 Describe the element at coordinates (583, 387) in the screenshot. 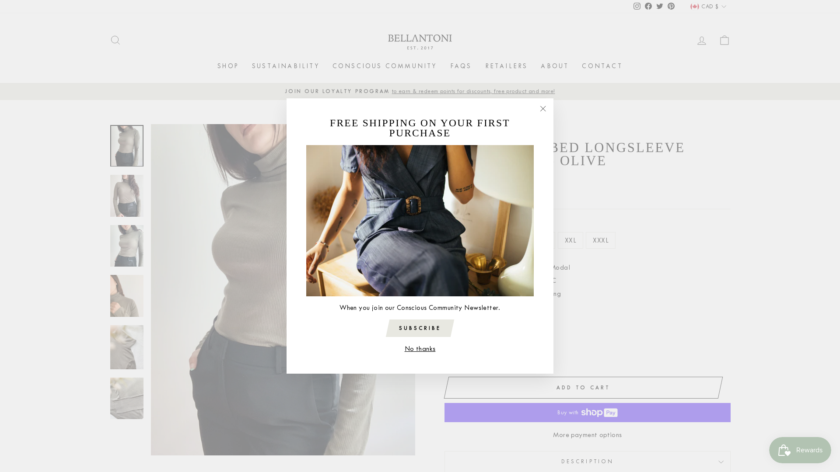

I see `'ADD TO CART'` at that location.